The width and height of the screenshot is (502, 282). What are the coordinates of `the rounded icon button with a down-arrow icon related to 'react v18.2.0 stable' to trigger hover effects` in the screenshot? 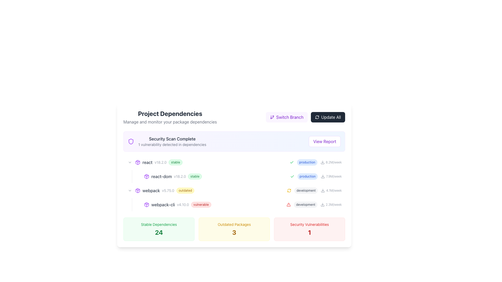 It's located at (130, 162).